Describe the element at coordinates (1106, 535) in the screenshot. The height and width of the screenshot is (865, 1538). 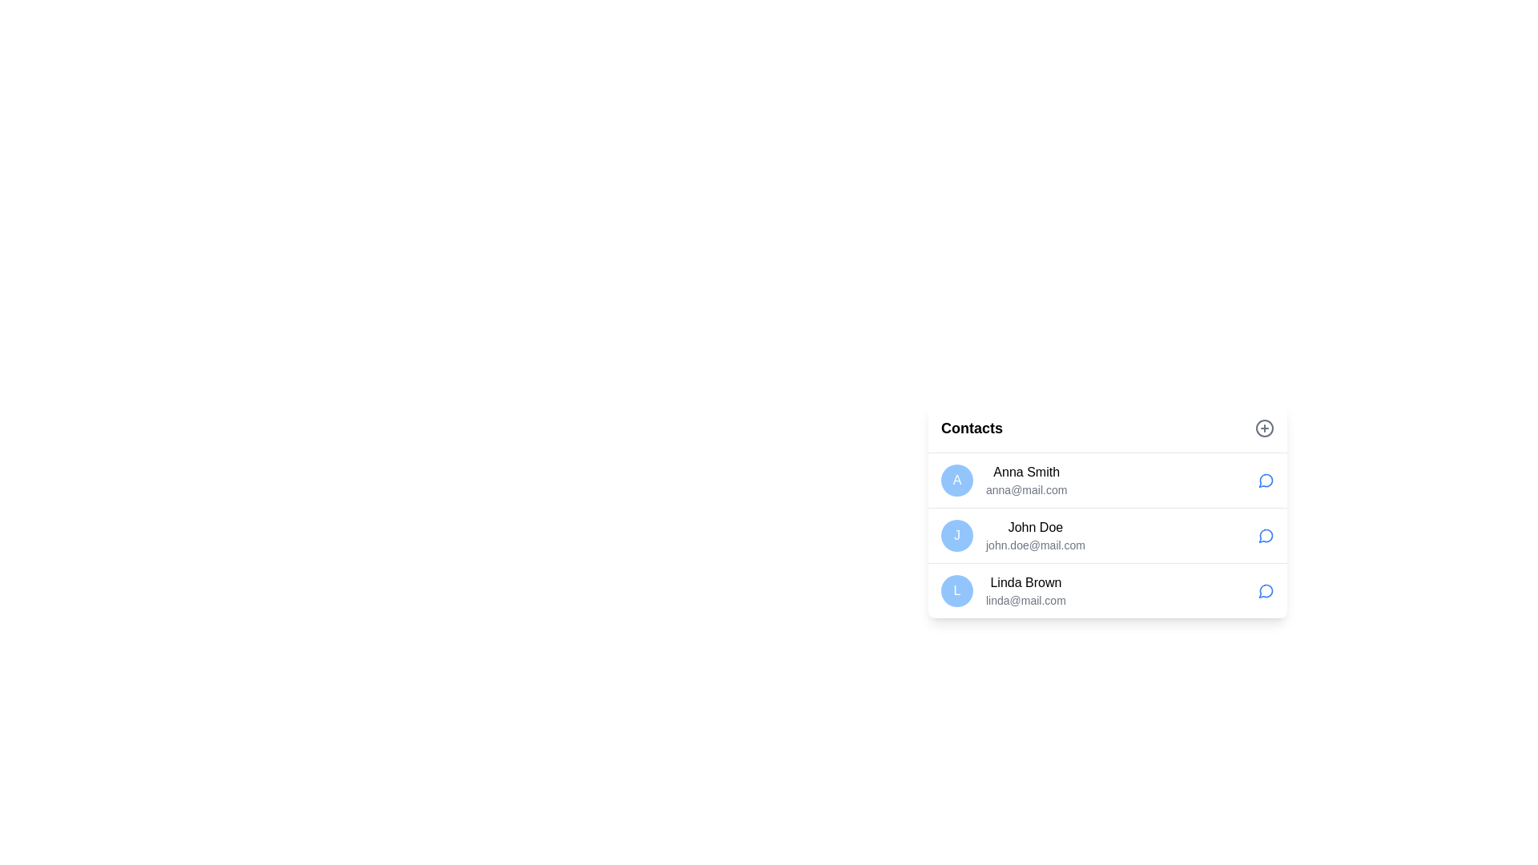
I see `the second contact list item displaying information about John Doe in the 'Contacts' panel` at that location.